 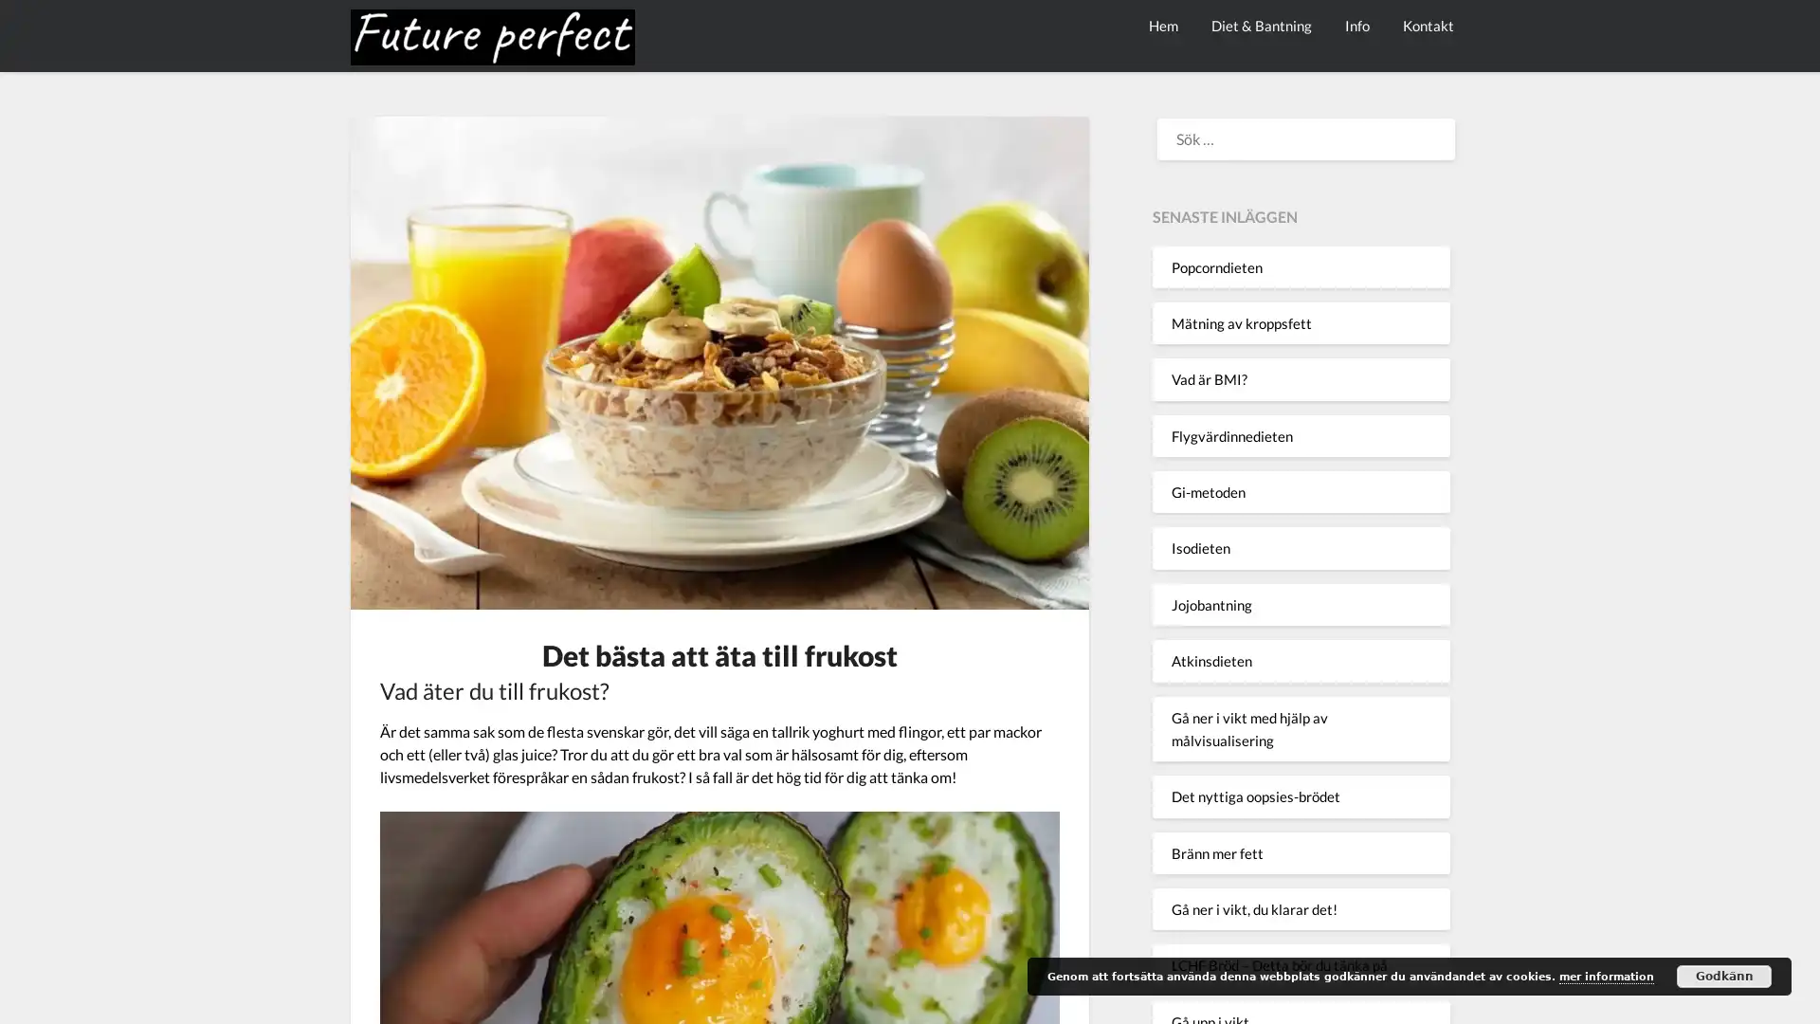 What do you see at coordinates (1724, 976) in the screenshot?
I see `Godkann` at bounding box center [1724, 976].